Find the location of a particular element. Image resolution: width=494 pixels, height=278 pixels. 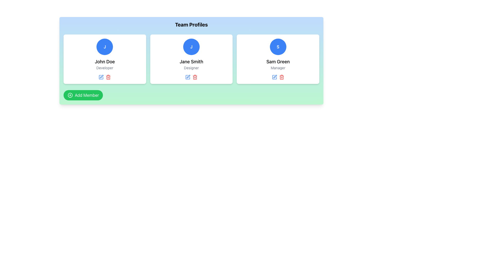

the icon-based button to change the icon's color for editing 'Jane Smith's profile, located in the second card under 'Team Profiles' is located at coordinates (187, 77).